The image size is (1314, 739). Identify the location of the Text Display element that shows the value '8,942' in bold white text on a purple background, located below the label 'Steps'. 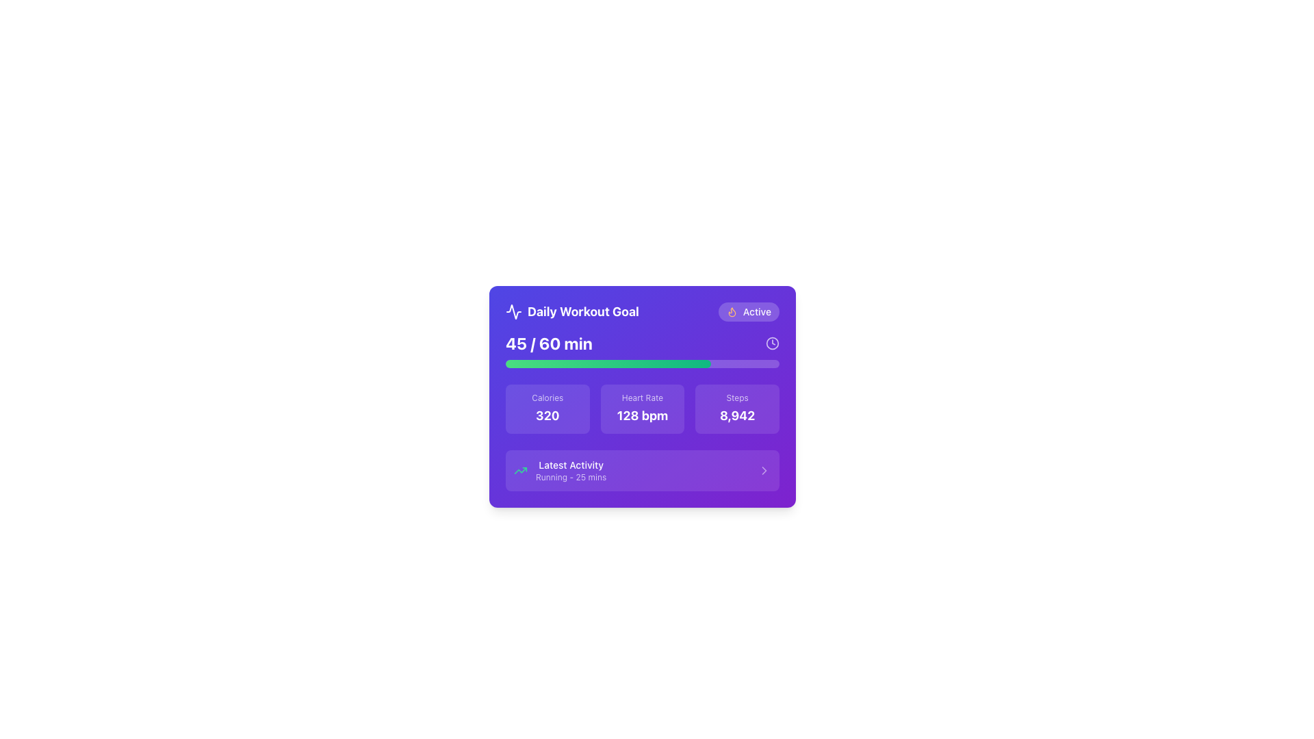
(736, 415).